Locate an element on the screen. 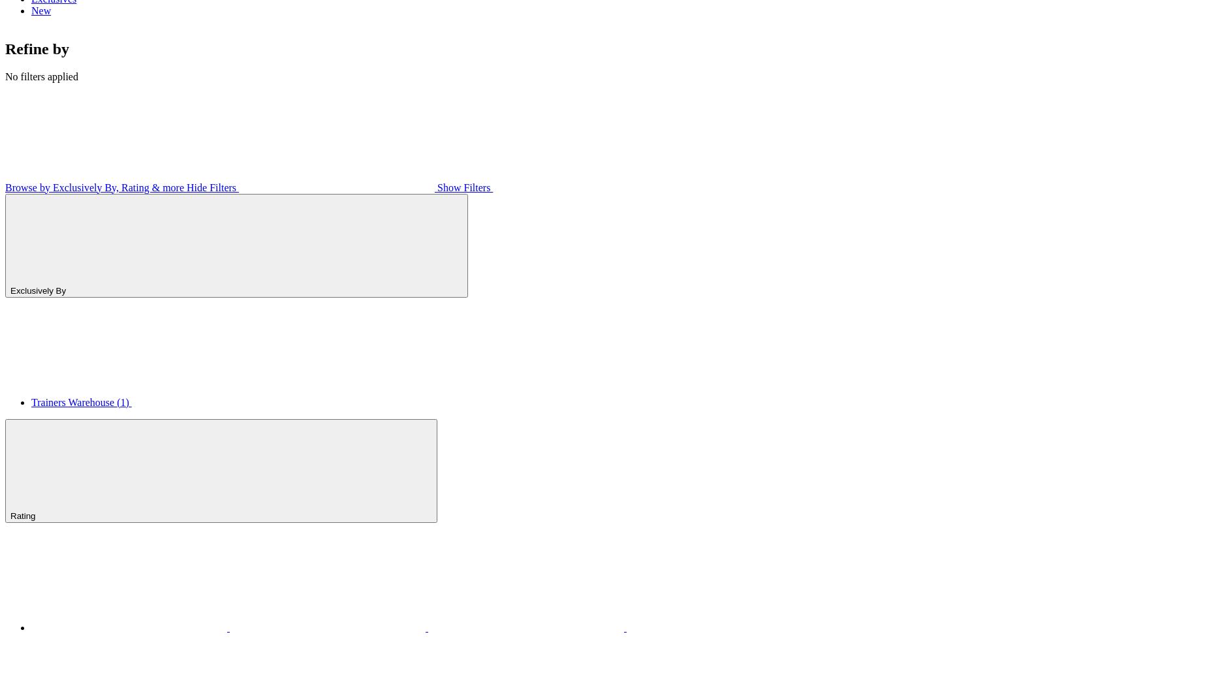  'Exclusively By' is located at coordinates (39, 289).